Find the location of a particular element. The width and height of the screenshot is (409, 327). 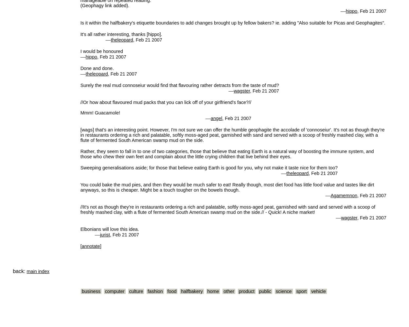

'fashion' is located at coordinates (155, 291).